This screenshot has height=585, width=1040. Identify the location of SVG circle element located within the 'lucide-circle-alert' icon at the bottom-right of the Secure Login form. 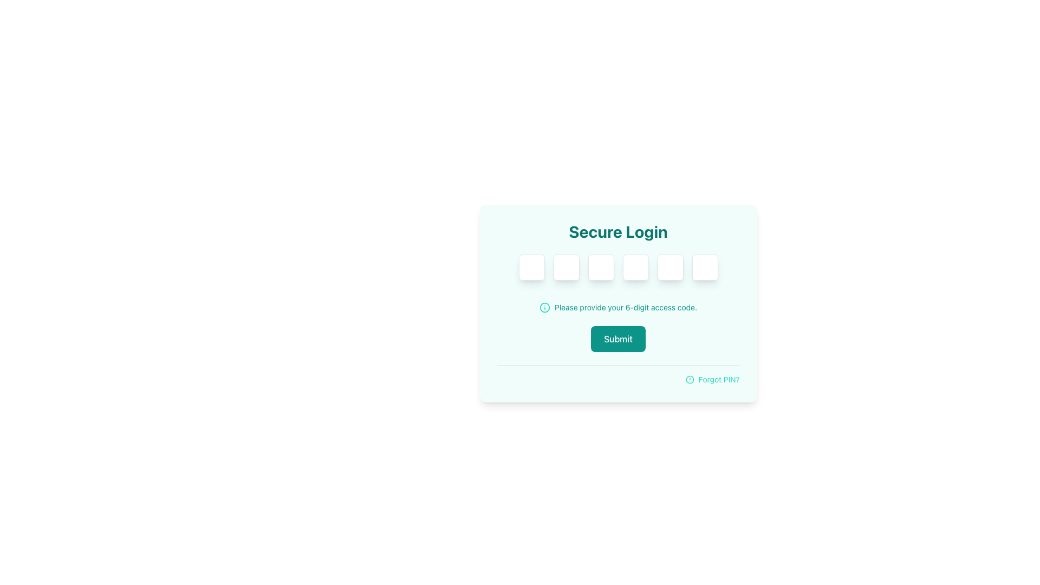
(689, 379).